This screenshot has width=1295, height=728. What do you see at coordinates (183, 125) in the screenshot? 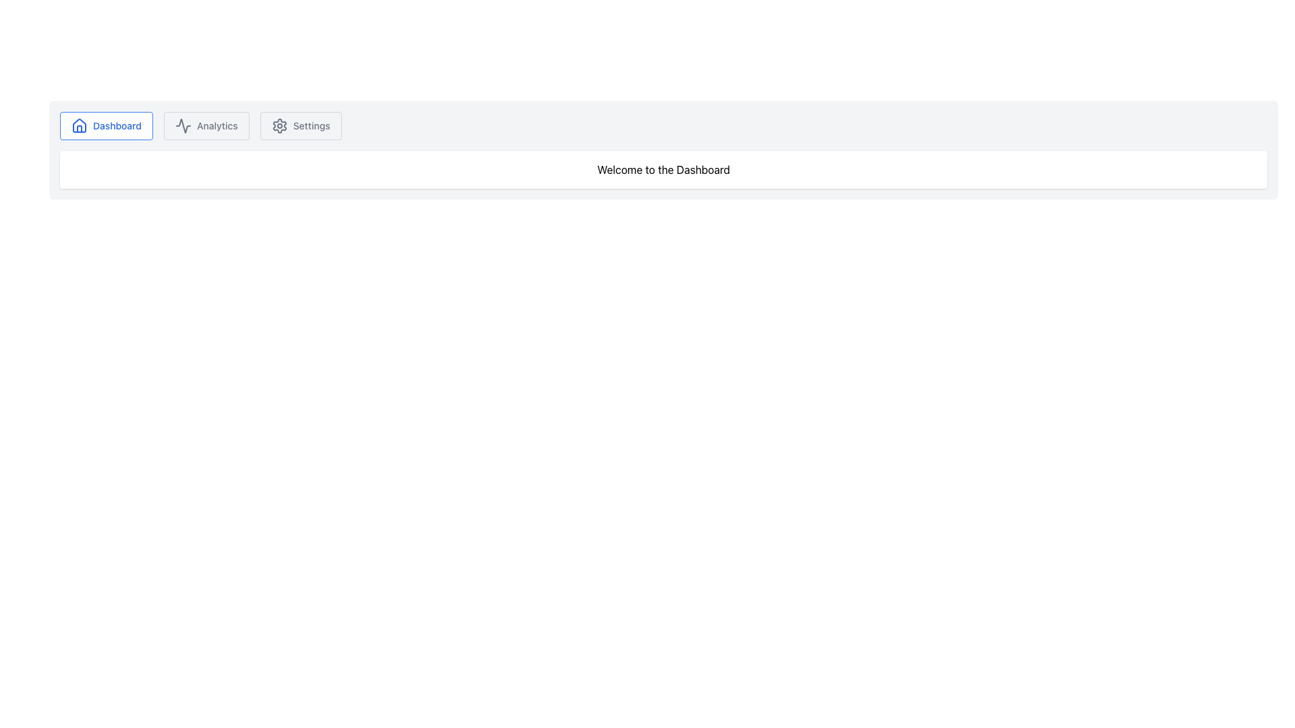
I see `the analytics icon located on the navigation bar, which is second from the left` at bounding box center [183, 125].